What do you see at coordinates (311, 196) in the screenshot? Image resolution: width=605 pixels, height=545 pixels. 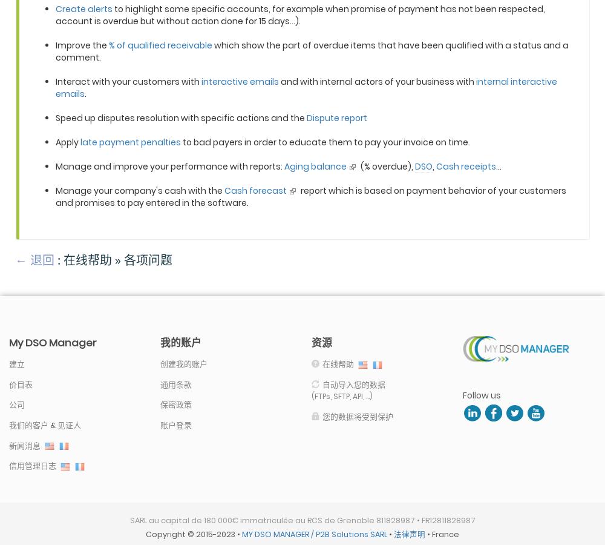 I see `'report which is based on payment behavior of your customers and promises to pay entered in the software.'` at bounding box center [311, 196].